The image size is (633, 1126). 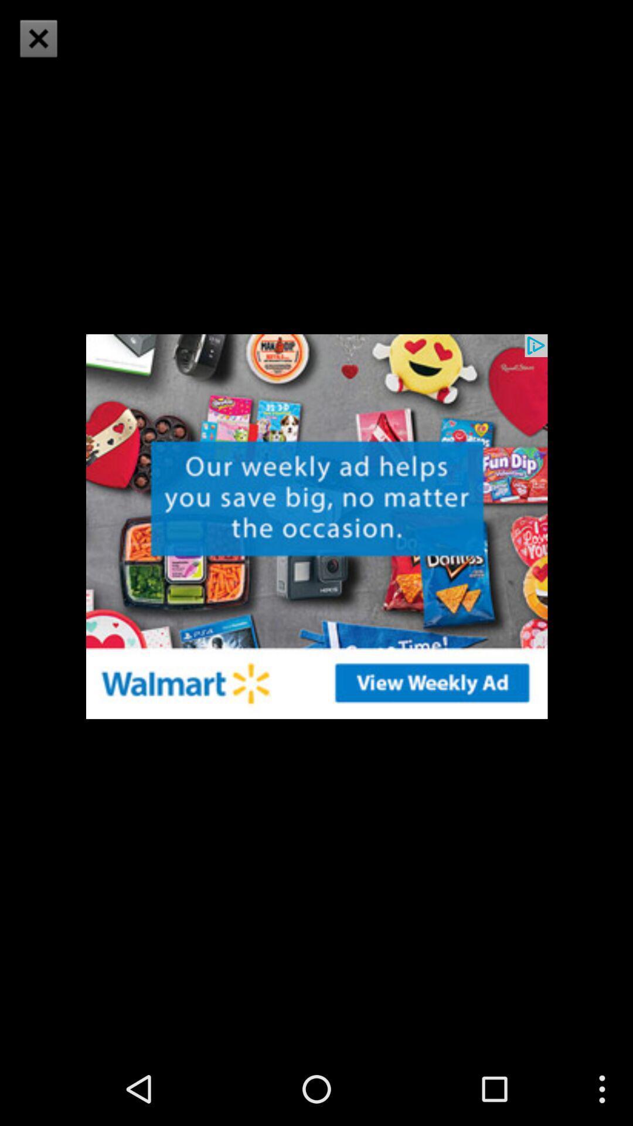 I want to click on the close icon, so click(x=38, y=41).